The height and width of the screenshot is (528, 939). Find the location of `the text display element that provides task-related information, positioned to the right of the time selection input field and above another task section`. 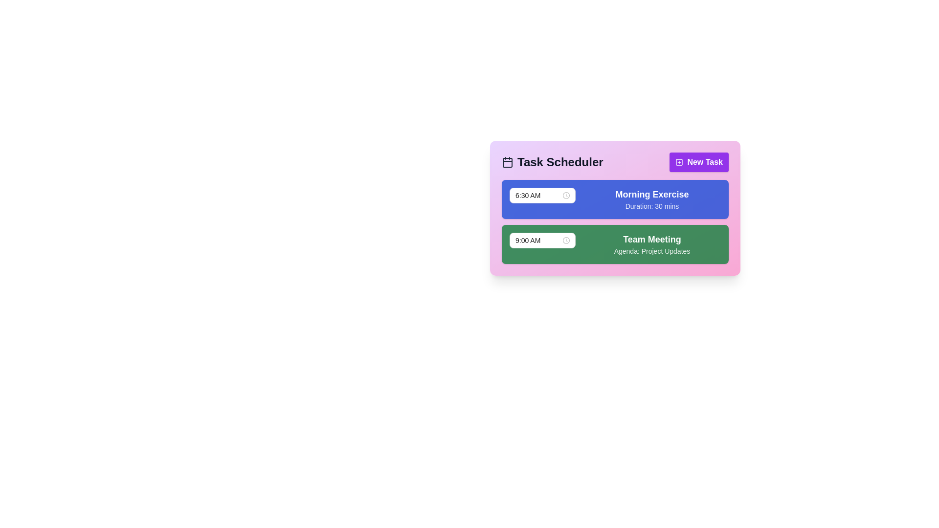

the text display element that provides task-related information, positioned to the right of the time selection input field and above another task section is located at coordinates (652, 199).